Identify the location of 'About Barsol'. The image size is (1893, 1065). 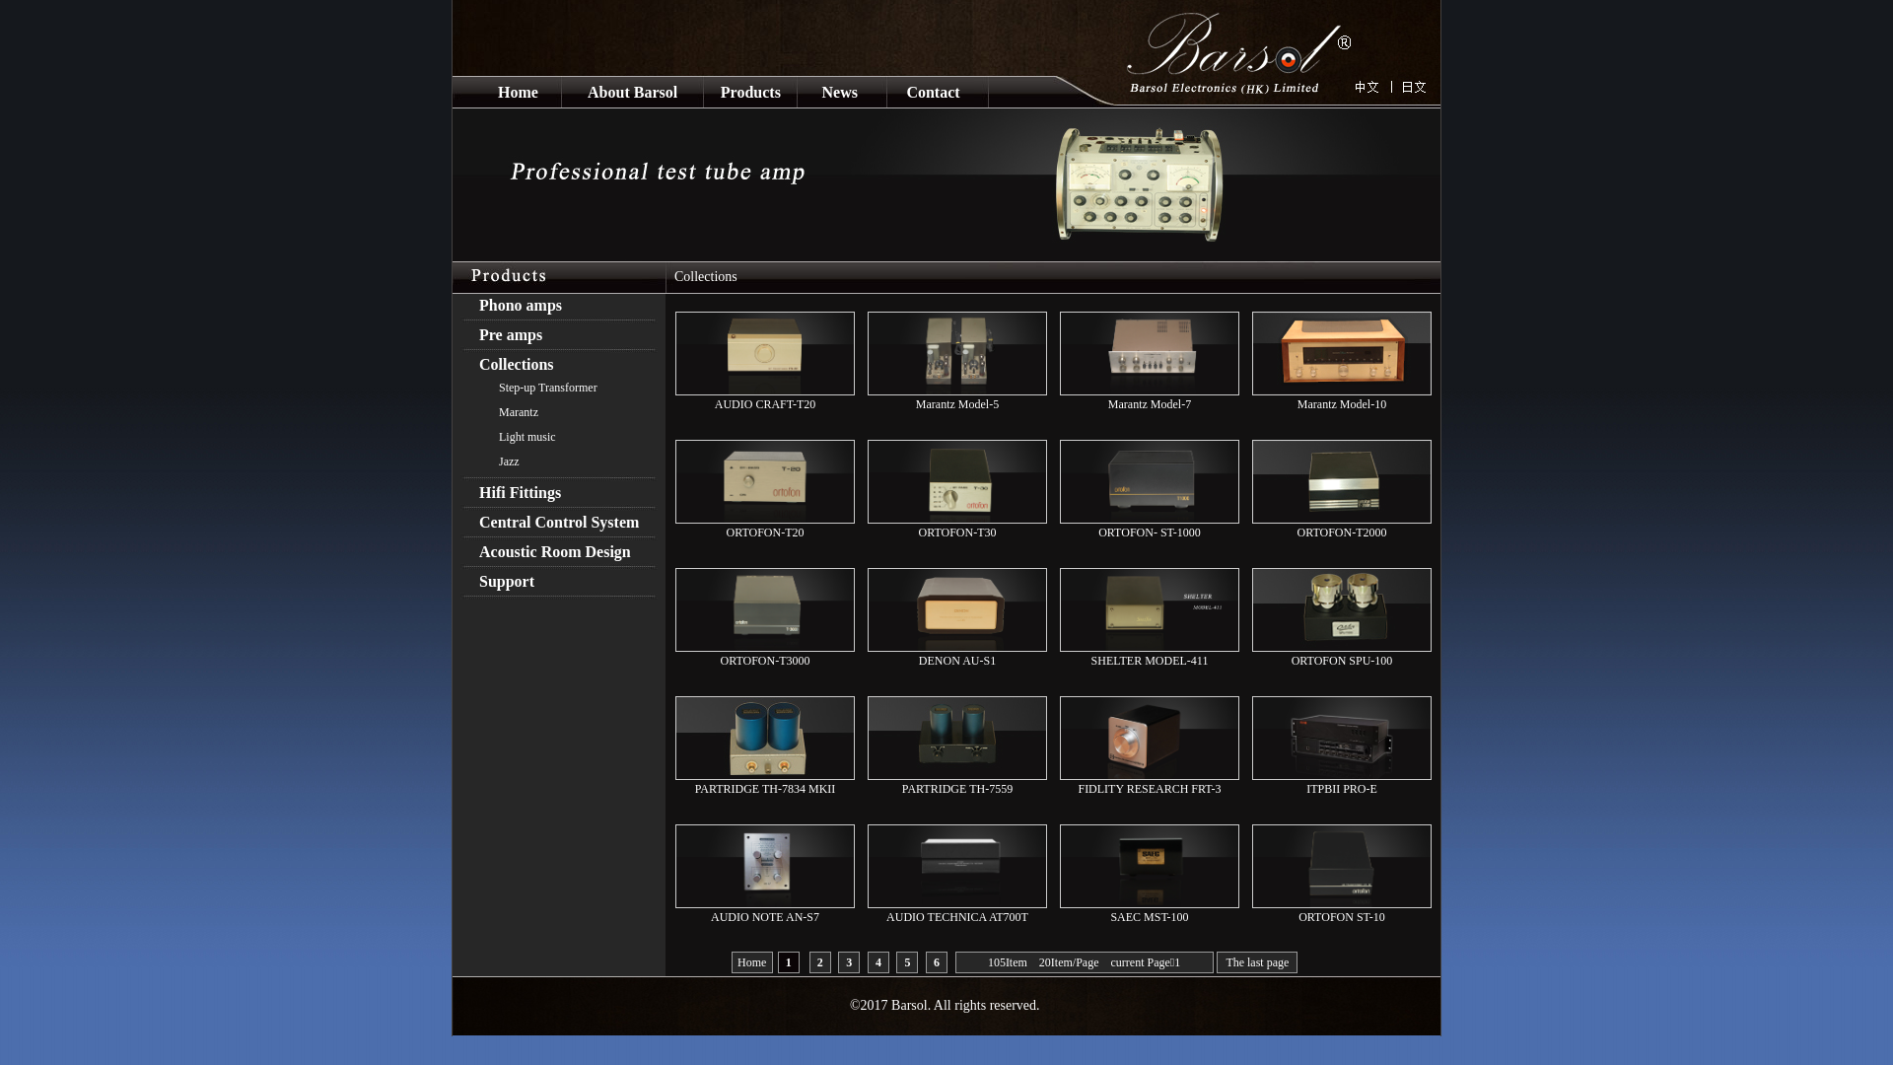
(633, 92).